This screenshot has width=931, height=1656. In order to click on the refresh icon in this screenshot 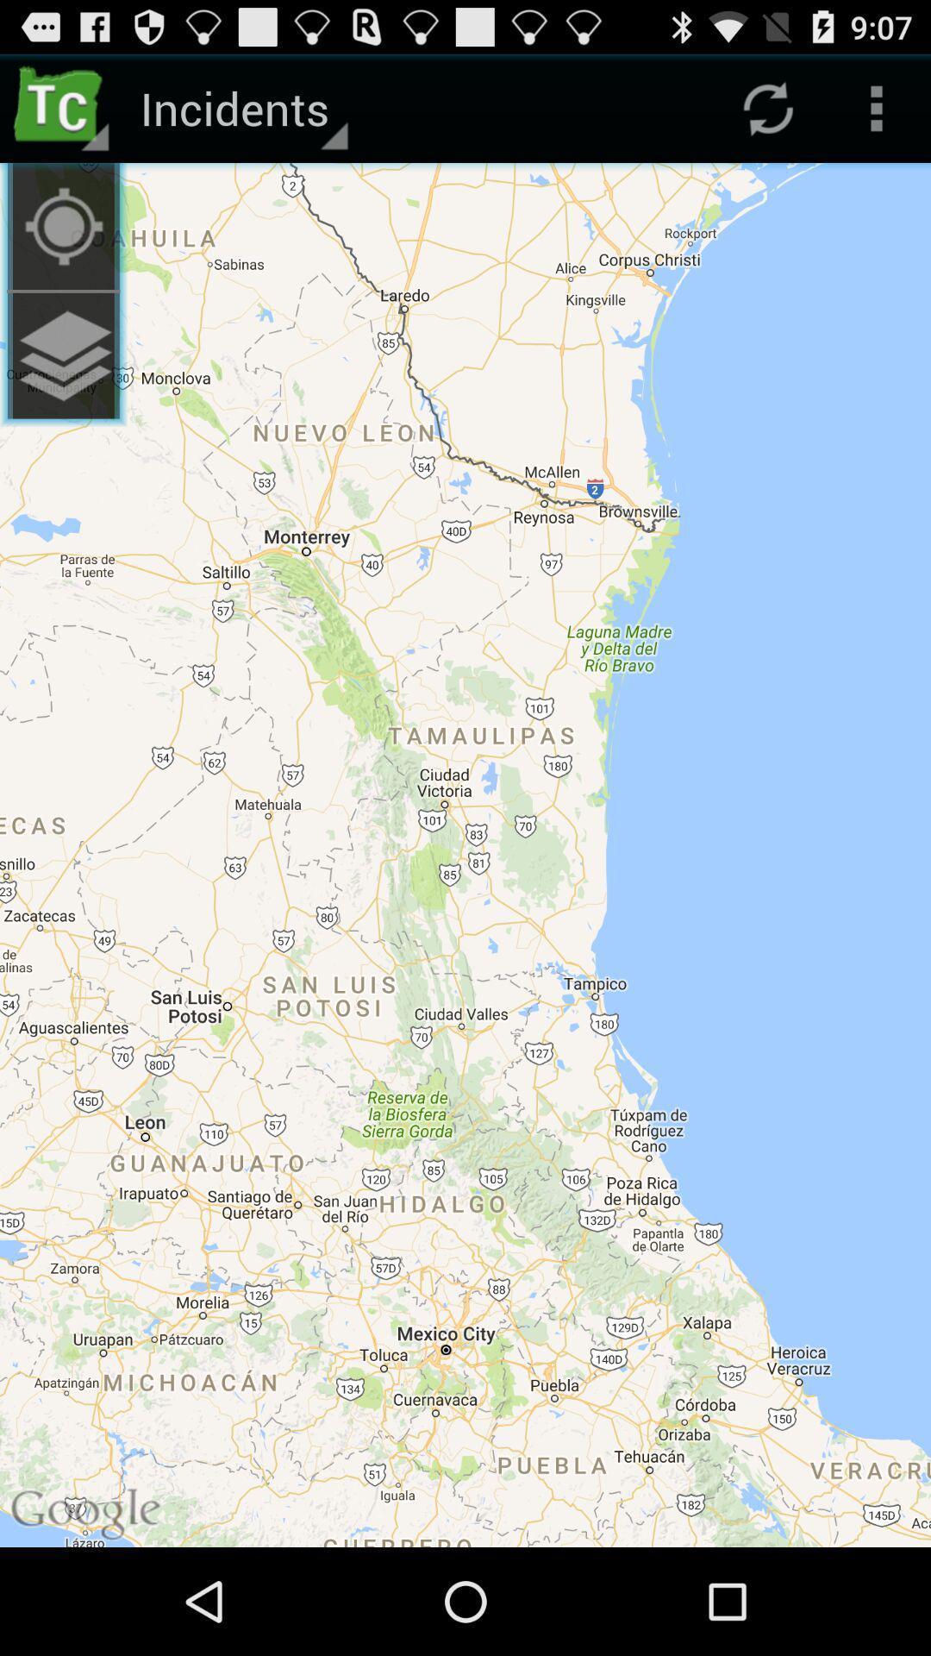, I will do `click(767, 115)`.